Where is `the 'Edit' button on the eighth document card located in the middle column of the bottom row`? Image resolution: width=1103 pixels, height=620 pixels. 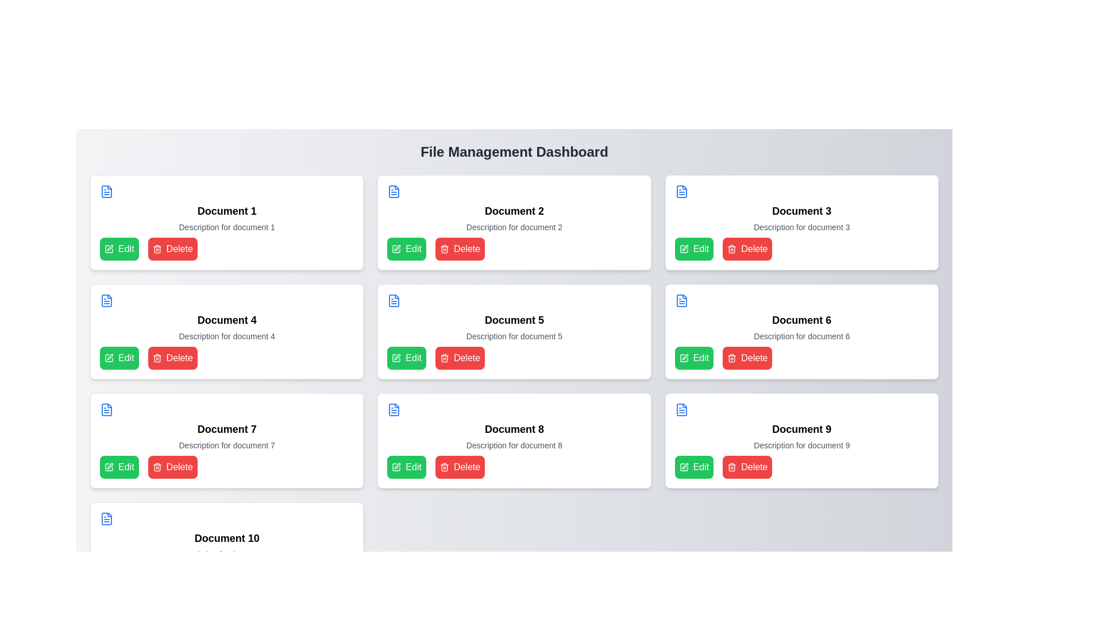
the 'Edit' button on the eighth document card located in the middle column of the bottom row is located at coordinates (514, 440).